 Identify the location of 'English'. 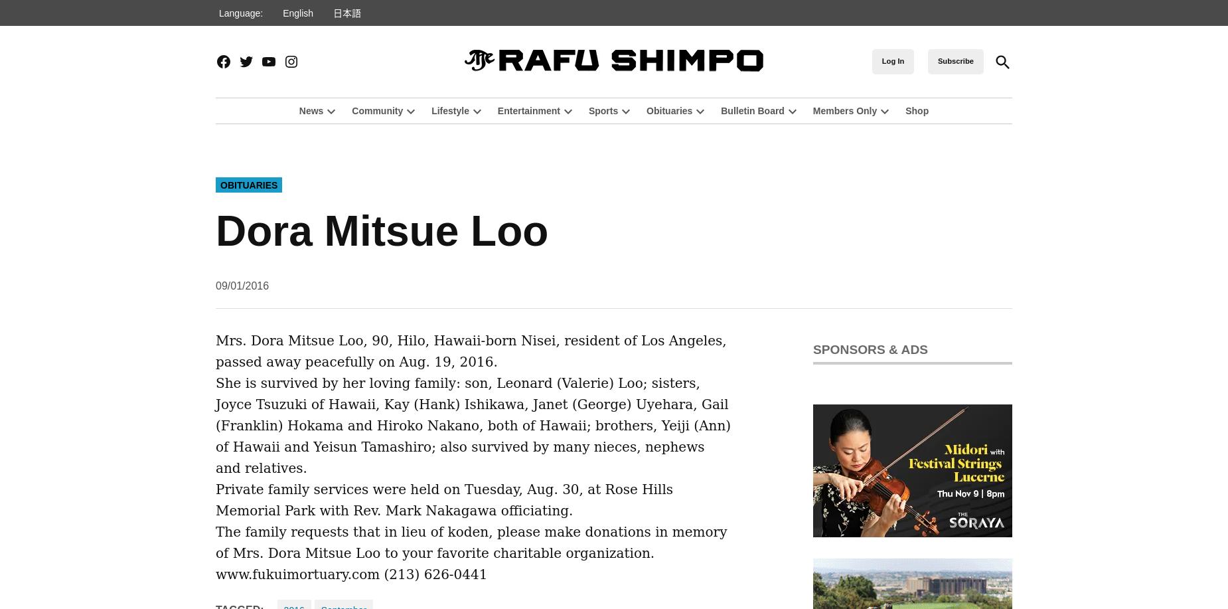
(297, 12).